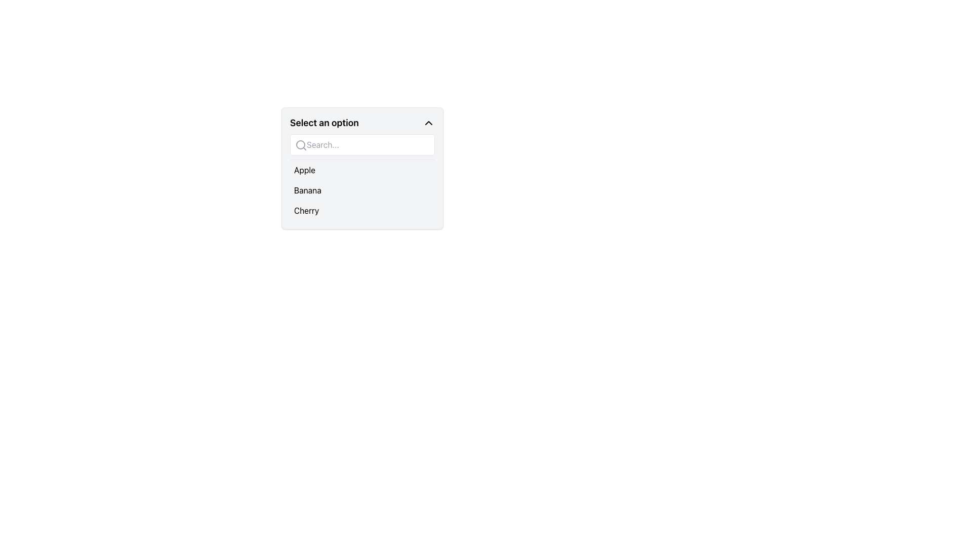  Describe the element at coordinates (362, 210) in the screenshot. I see `to select the 'Cherry' option from the dropdown menu located below 'Apple' and 'Banana'` at that location.